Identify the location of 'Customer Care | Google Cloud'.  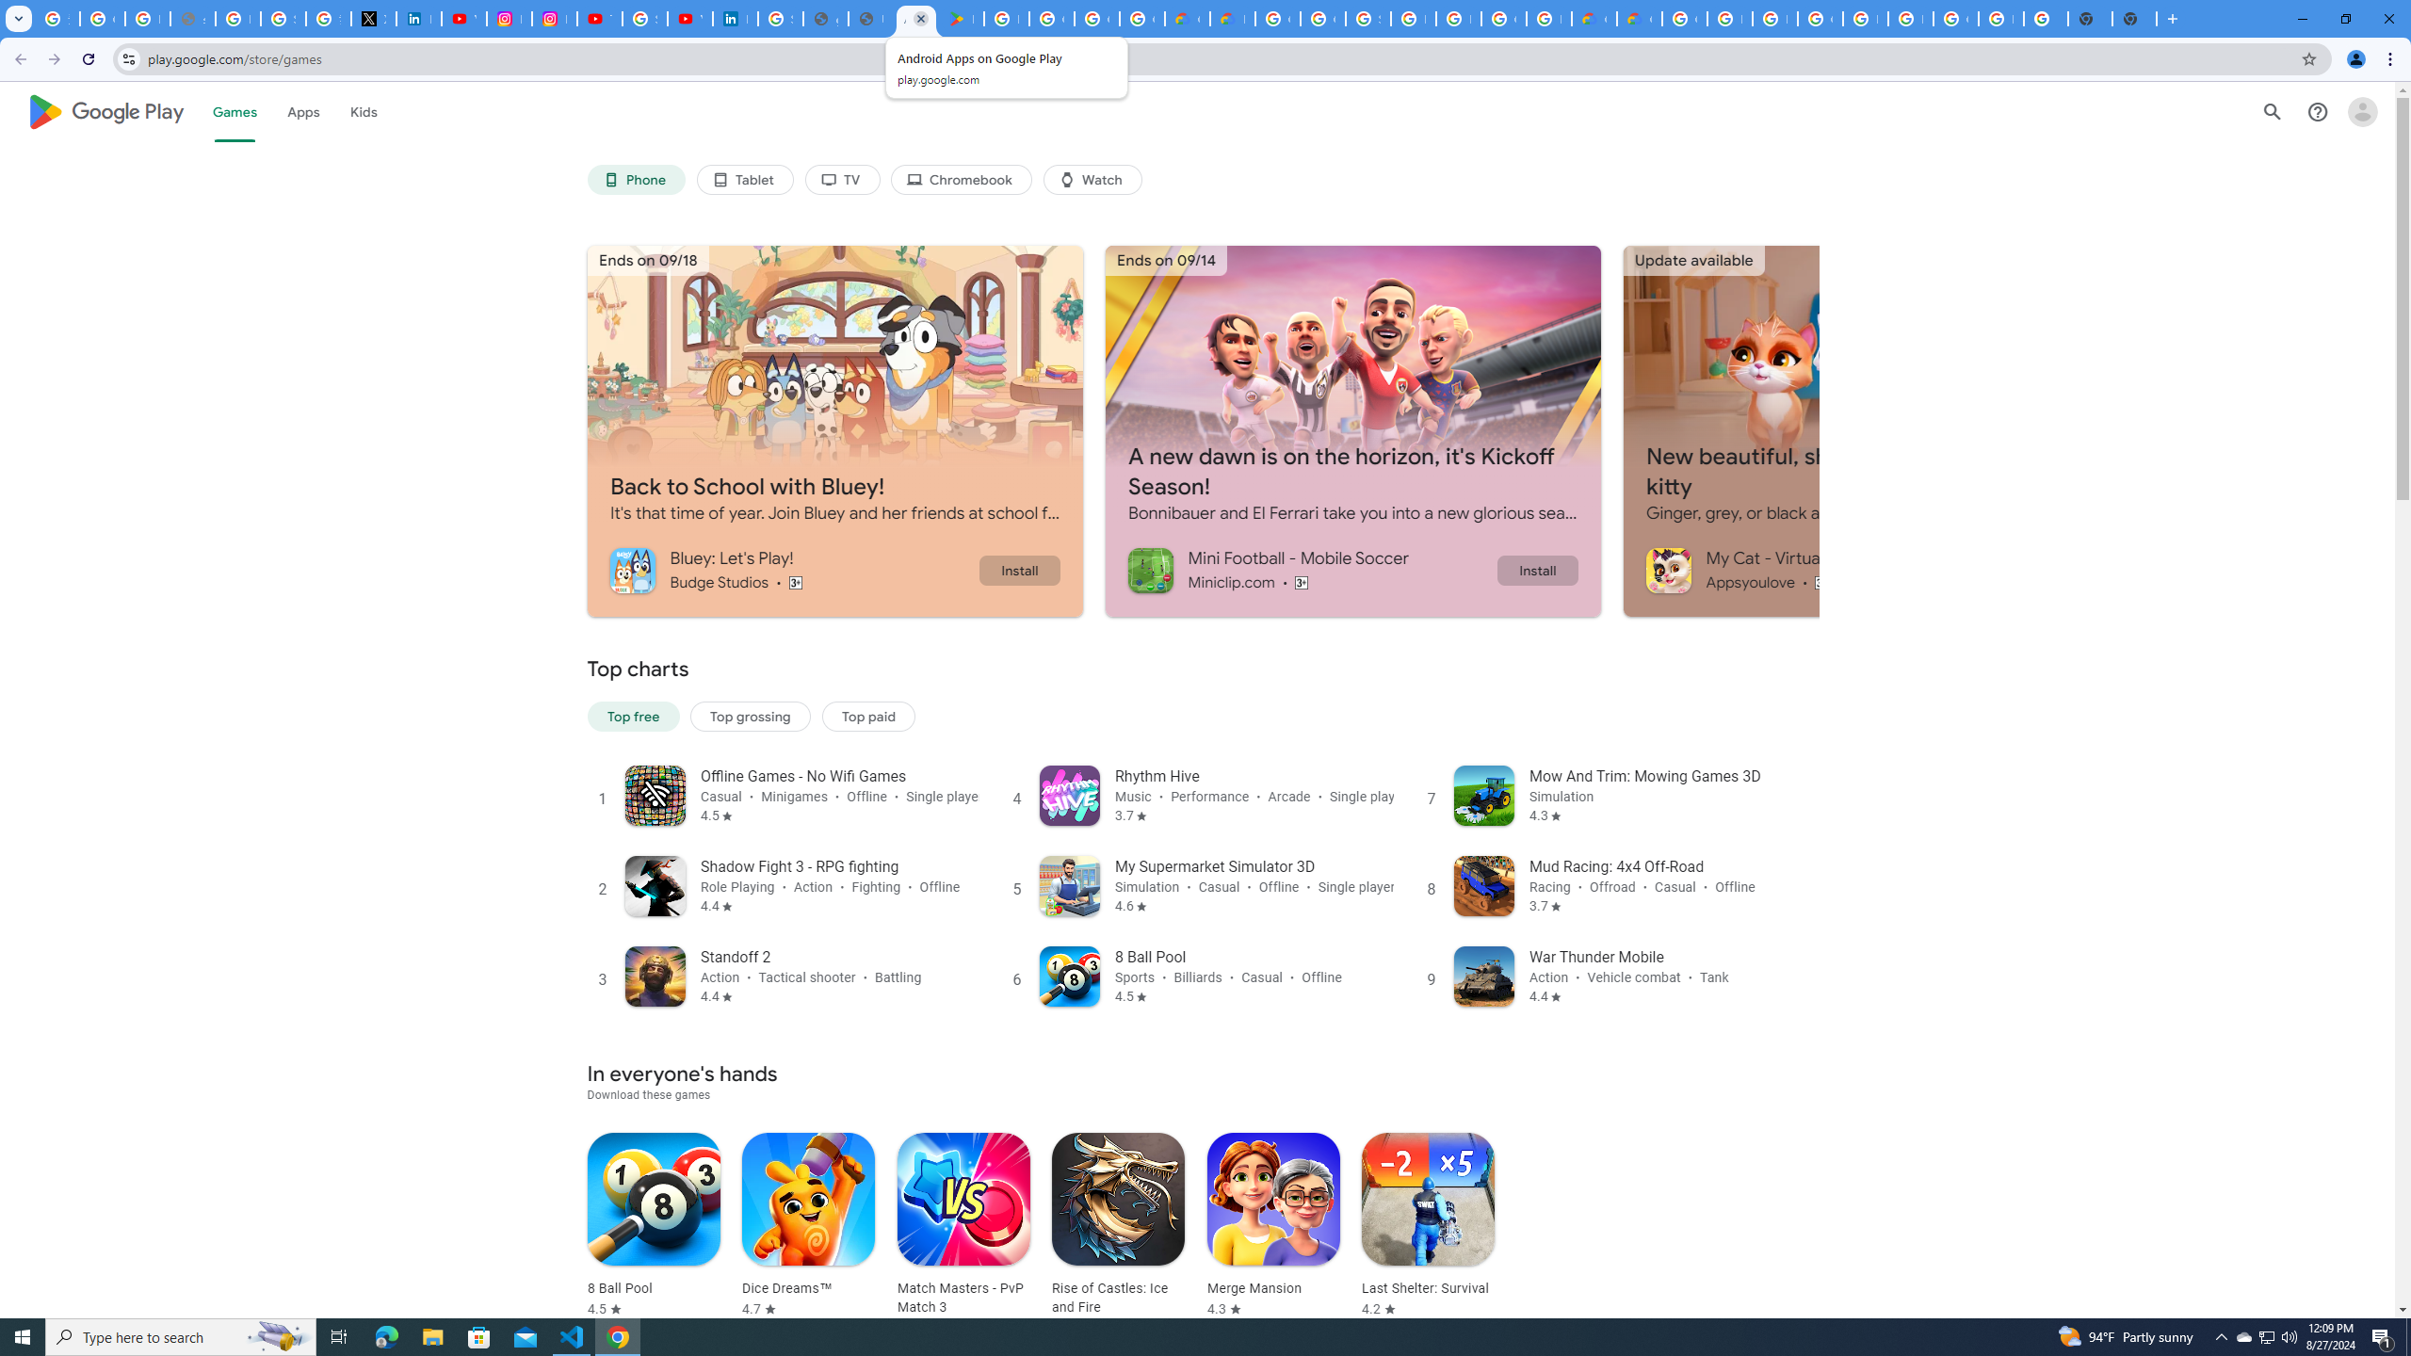
(1593, 18).